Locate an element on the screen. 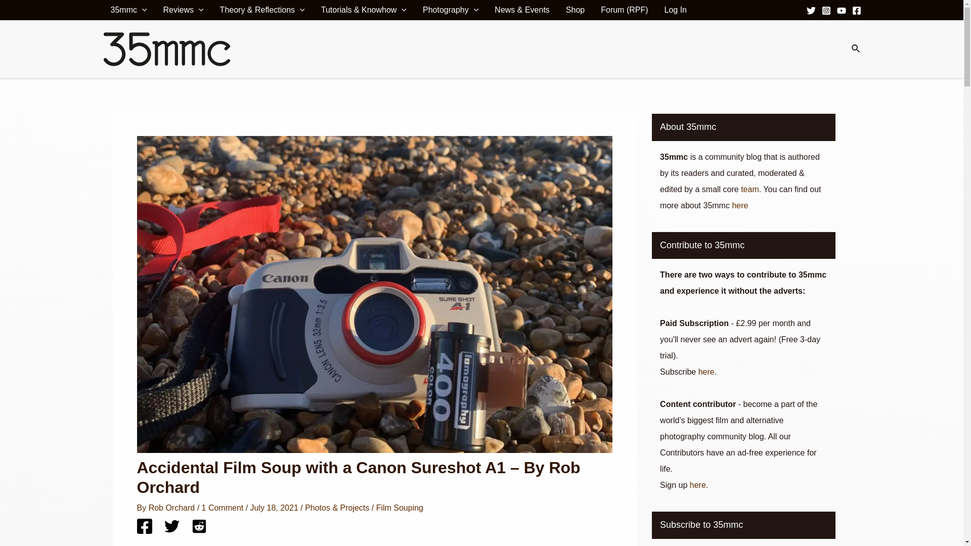 This screenshot has width=971, height=546. 'Photos & Projects' is located at coordinates (337, 508).